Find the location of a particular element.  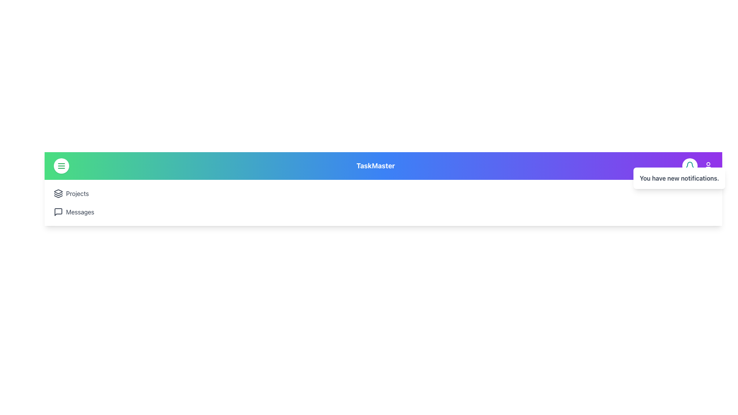

the teal bell SVG icon within the circular button is located at coordinates (690, 166).